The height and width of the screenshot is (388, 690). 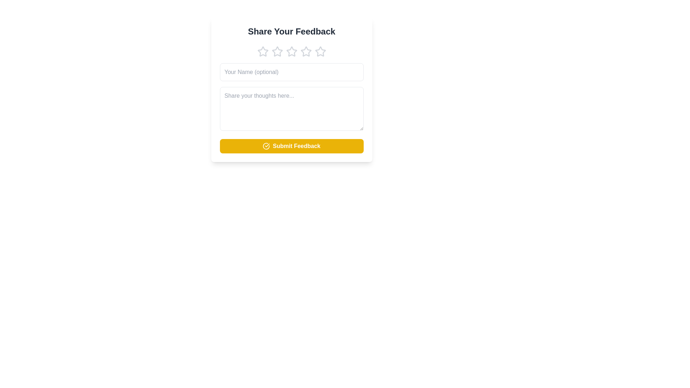 I want to click on the first star icon in the 5-star rating component at the top of the feedback form, so click(x=262, y=51).